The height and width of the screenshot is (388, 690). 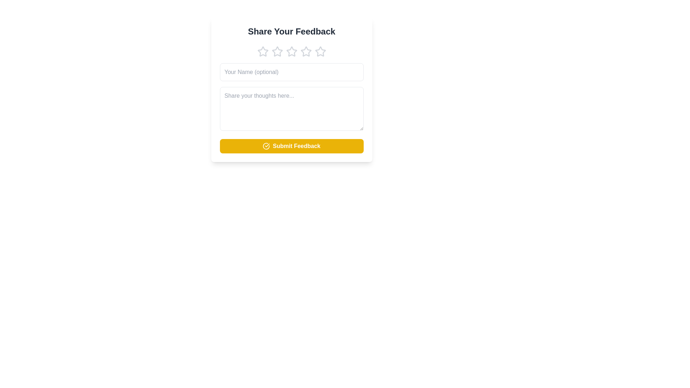 I want to click on the first star icon in the 5-star rating component at the top of the feedback form, so click(x=262, y=51).